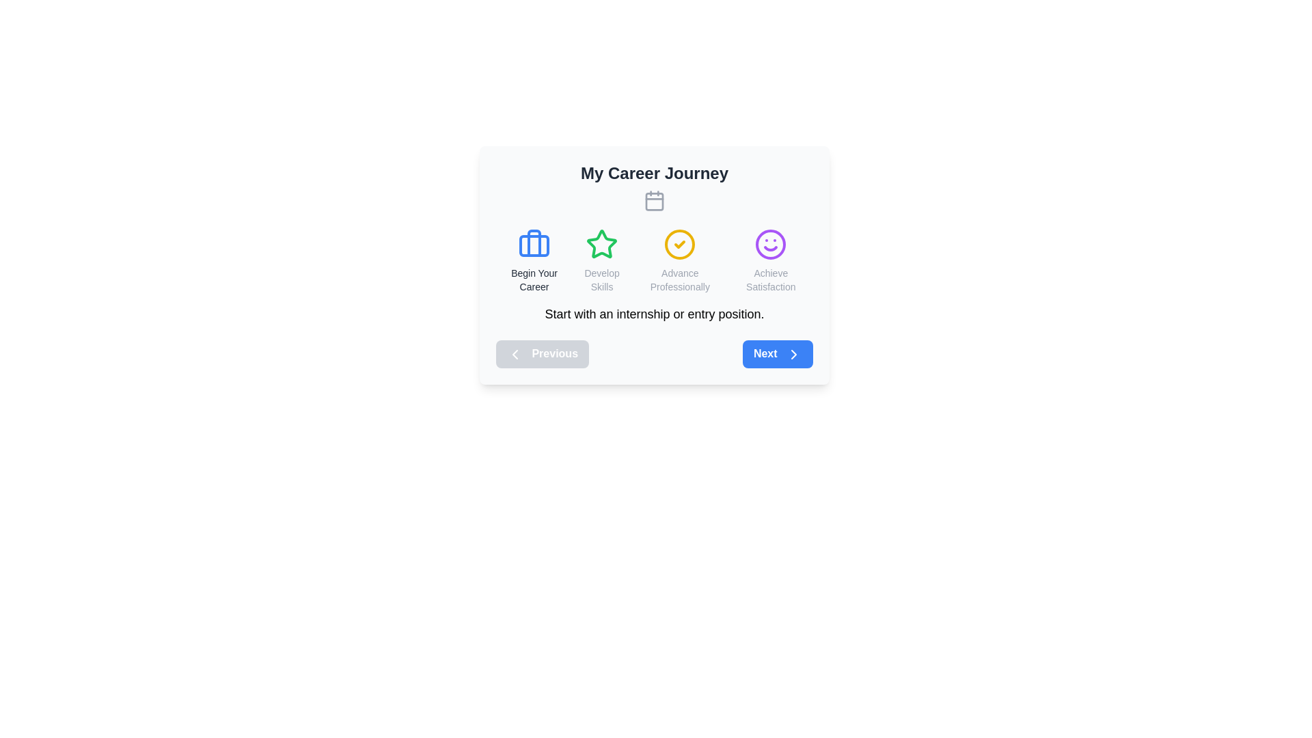 This screenshot has height=738, width=1312. Describe the element at coordinates (601, 244) in the screenshot. I see `the five-pointed star icon with a green outline located in the 'Develop Skills' section above the text 'Develop Skills'` at that location.